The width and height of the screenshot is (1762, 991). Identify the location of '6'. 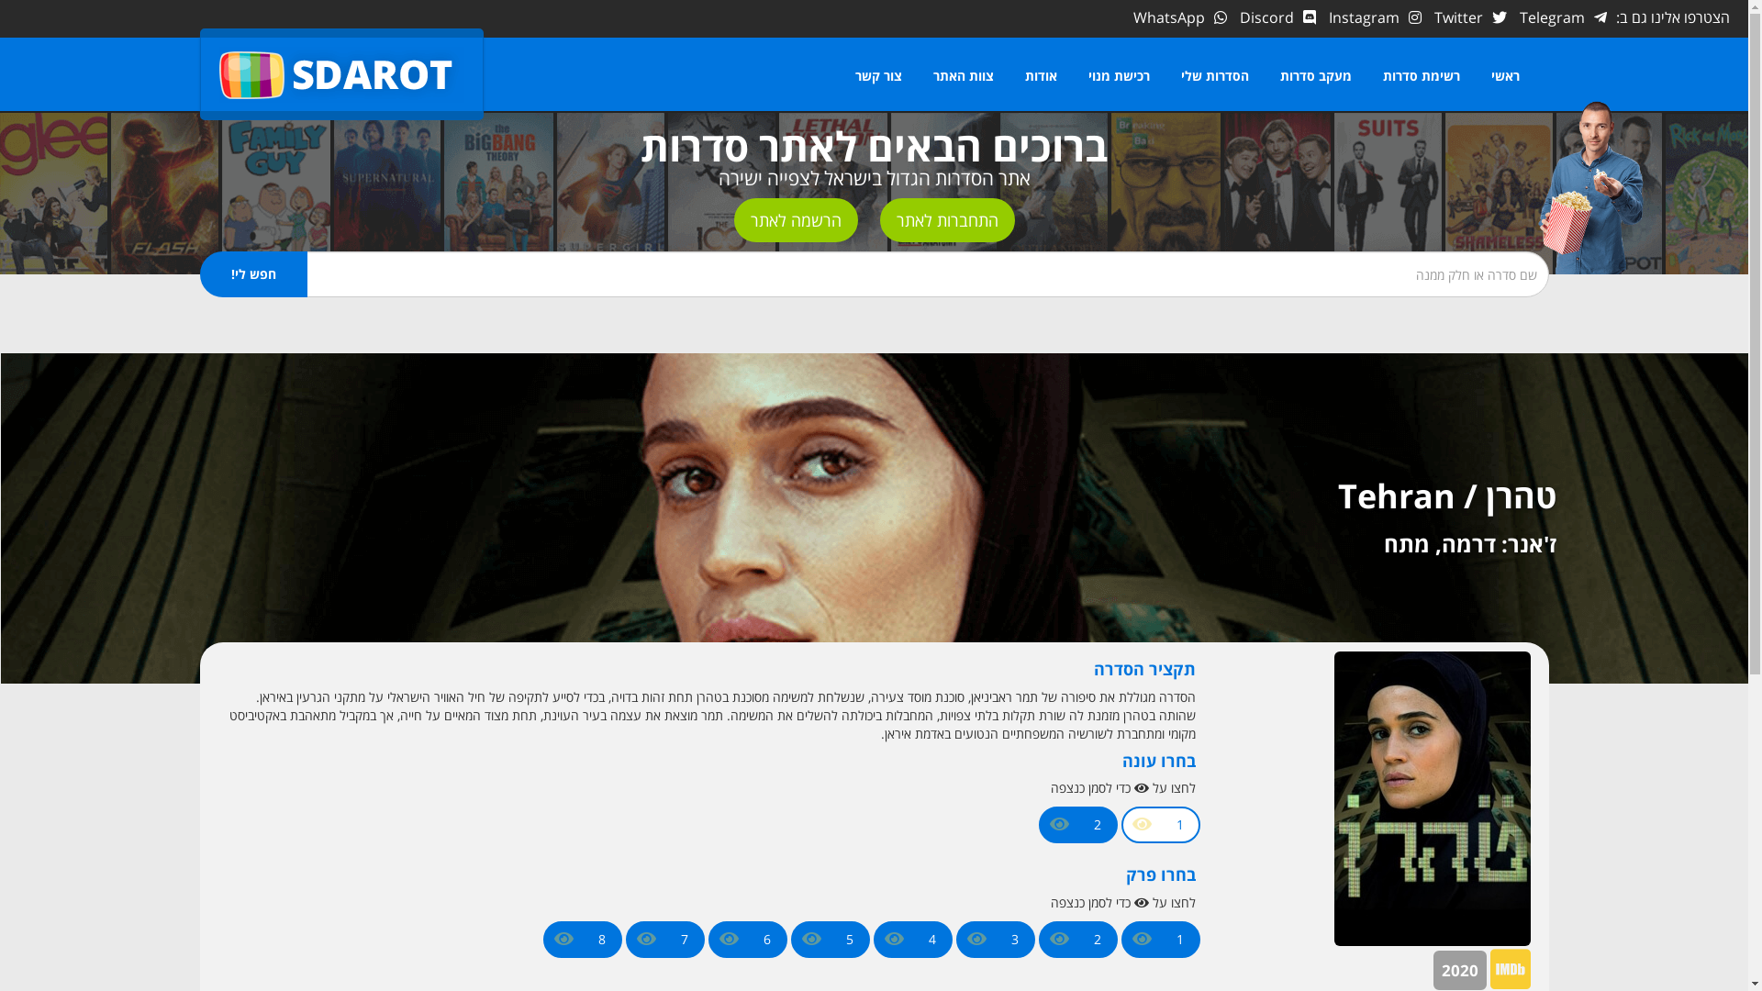
(766, 939).